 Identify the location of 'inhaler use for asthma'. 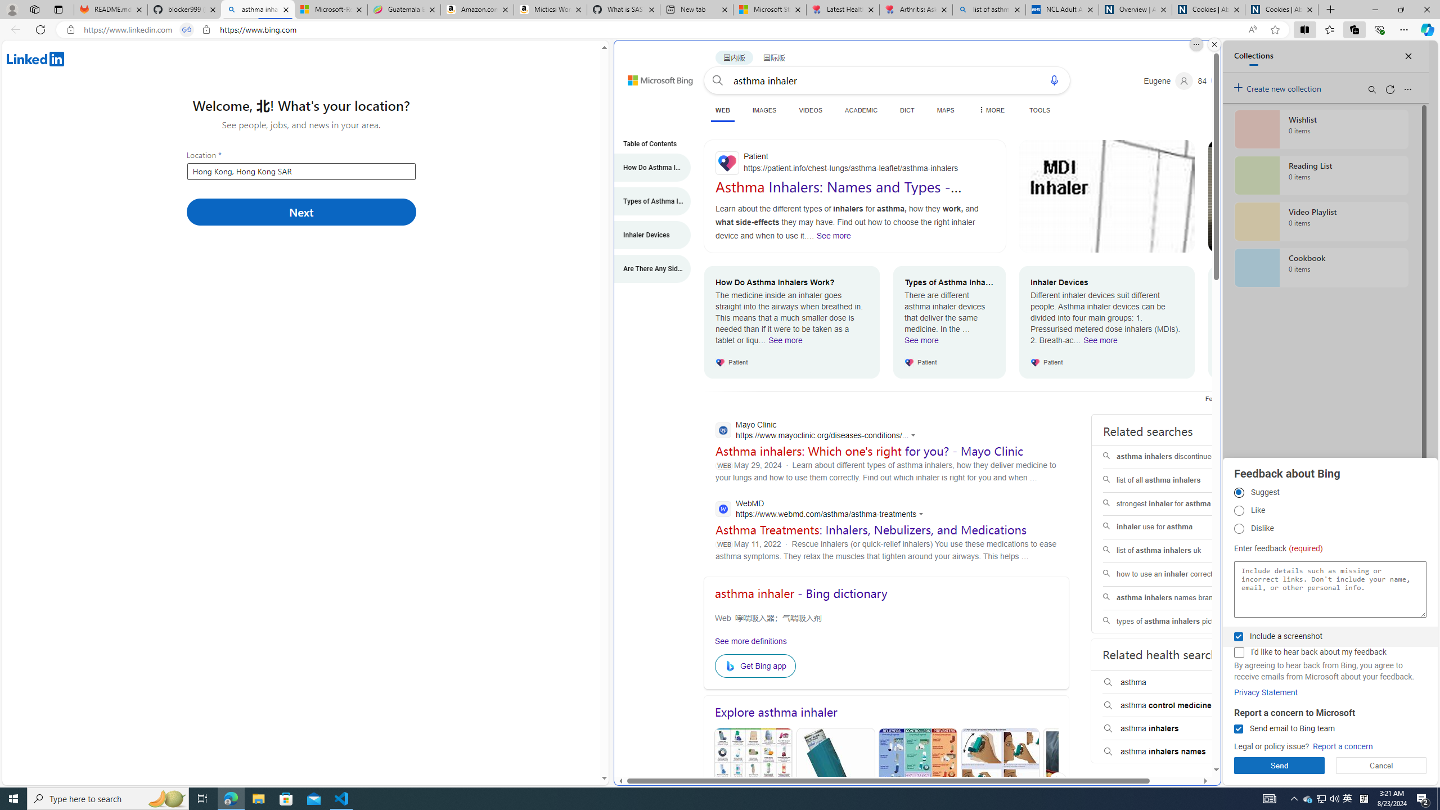
(1174, 528).